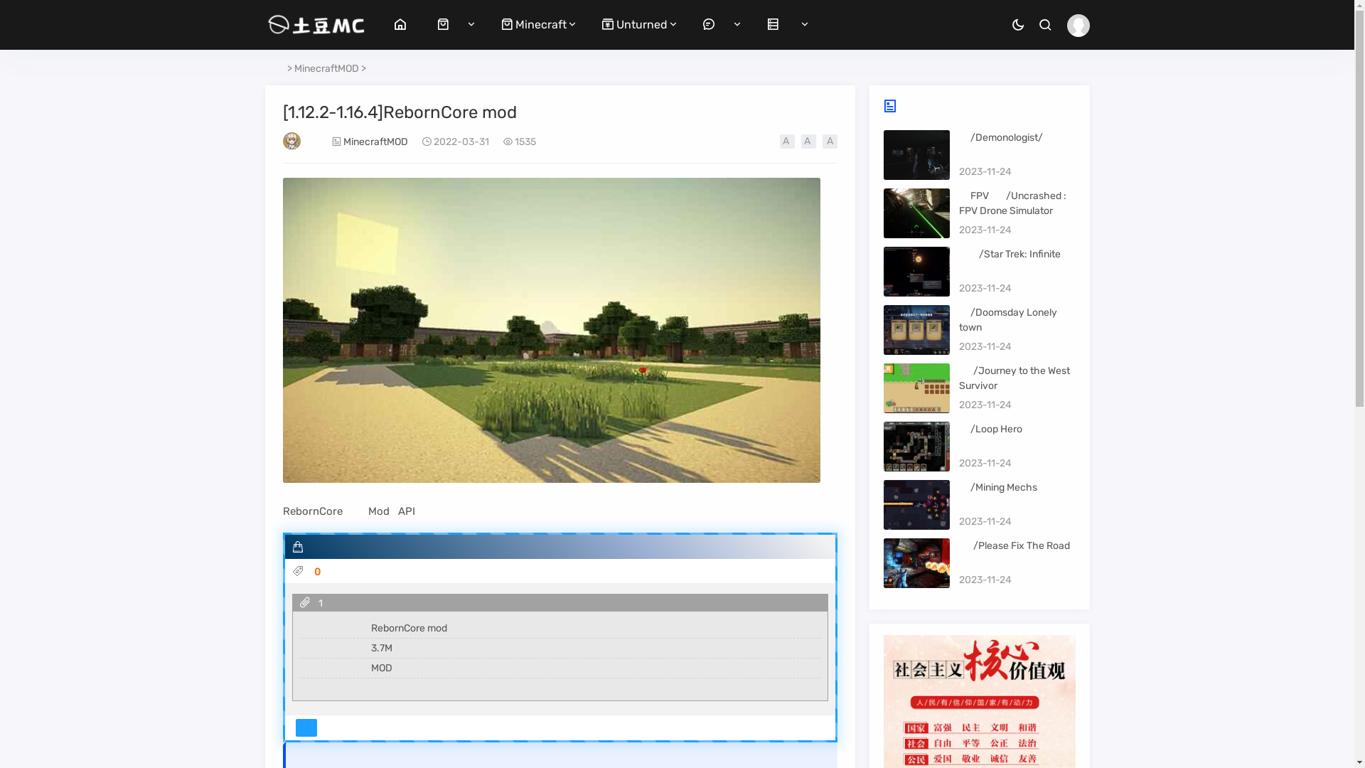 The width and height of the screenshot is (1365, 768). I want to click on 'Unturned', so click(601, 24).